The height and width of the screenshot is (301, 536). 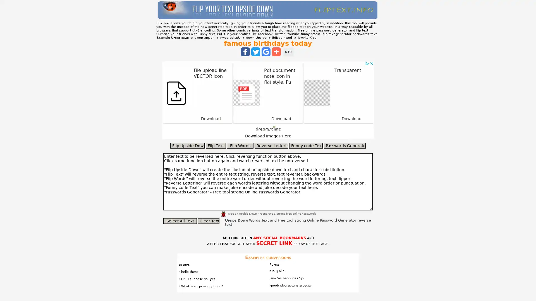 I want to click on Share to Twitter, so click(x=255, y=52).